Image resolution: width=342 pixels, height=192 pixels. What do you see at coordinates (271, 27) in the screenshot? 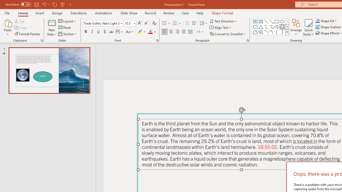
I see `'Connector: Elbow Arrow'` at bounding box center [271, 27].